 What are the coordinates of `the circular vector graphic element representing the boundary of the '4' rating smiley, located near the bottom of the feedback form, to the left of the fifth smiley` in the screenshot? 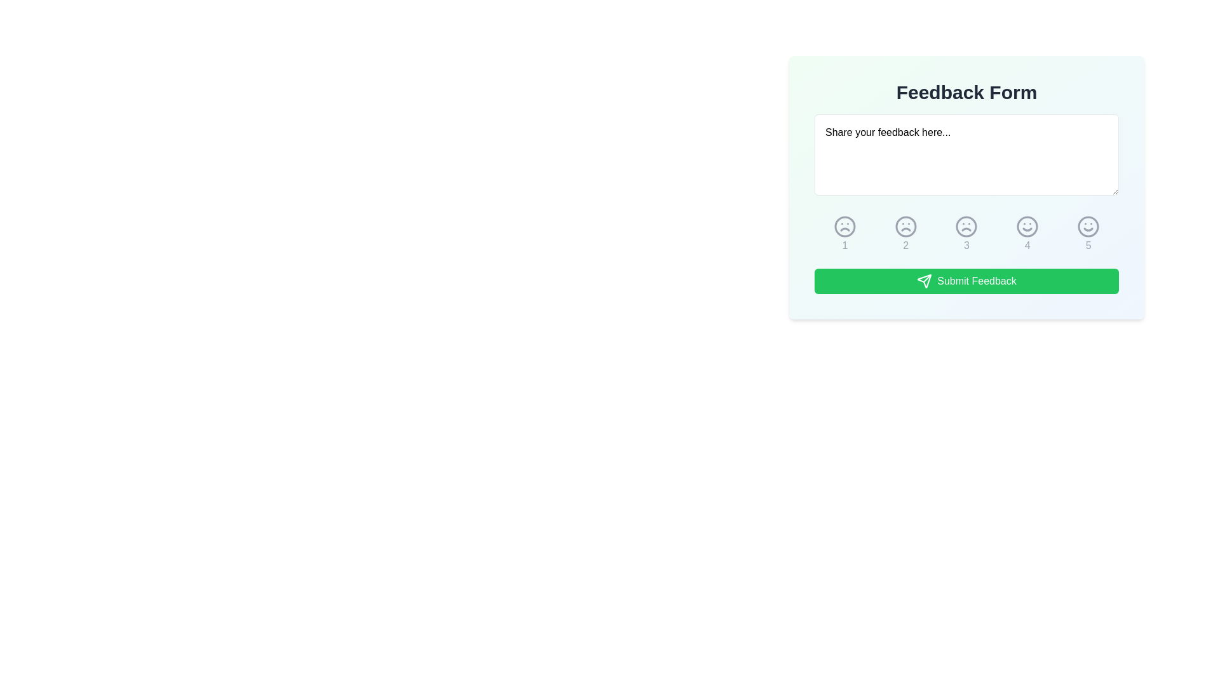 It's located at (1027, 226).